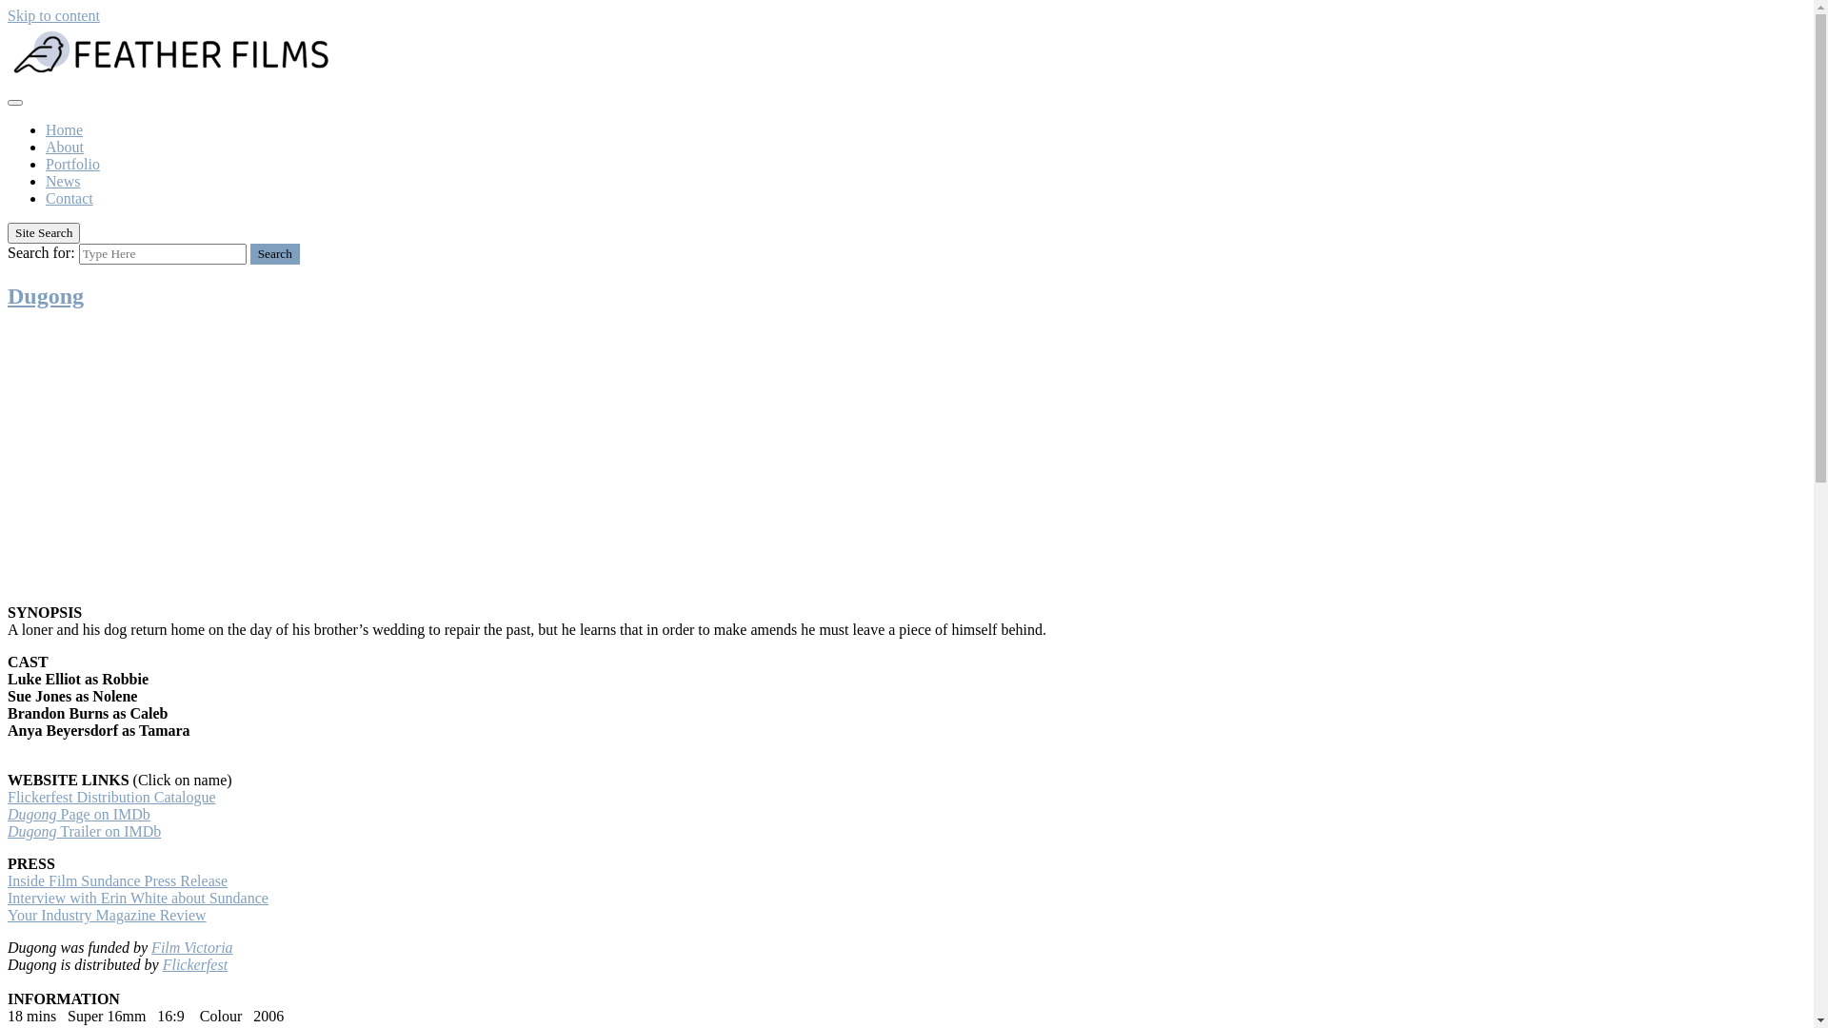  I want to click on 'Flickerfest Distribution Catalogue', so click(110, 797).